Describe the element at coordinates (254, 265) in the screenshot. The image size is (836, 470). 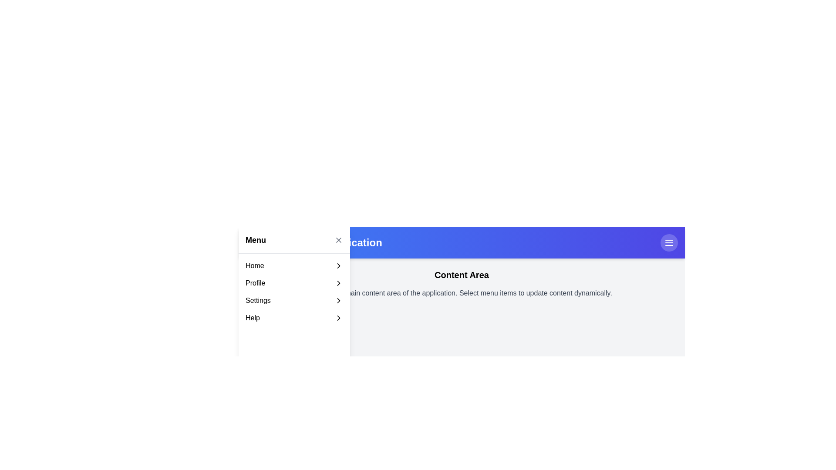
I see `the 'Home' text label located in the primary navigation menu at the top left section of the page` at that location.